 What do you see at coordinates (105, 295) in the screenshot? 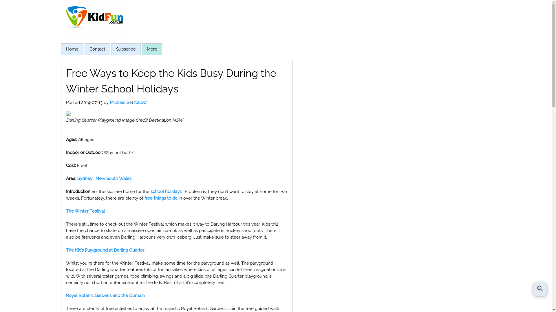
I see `'Royal Botanic Gardens and the Domain'` at bounding box center [105, 295].